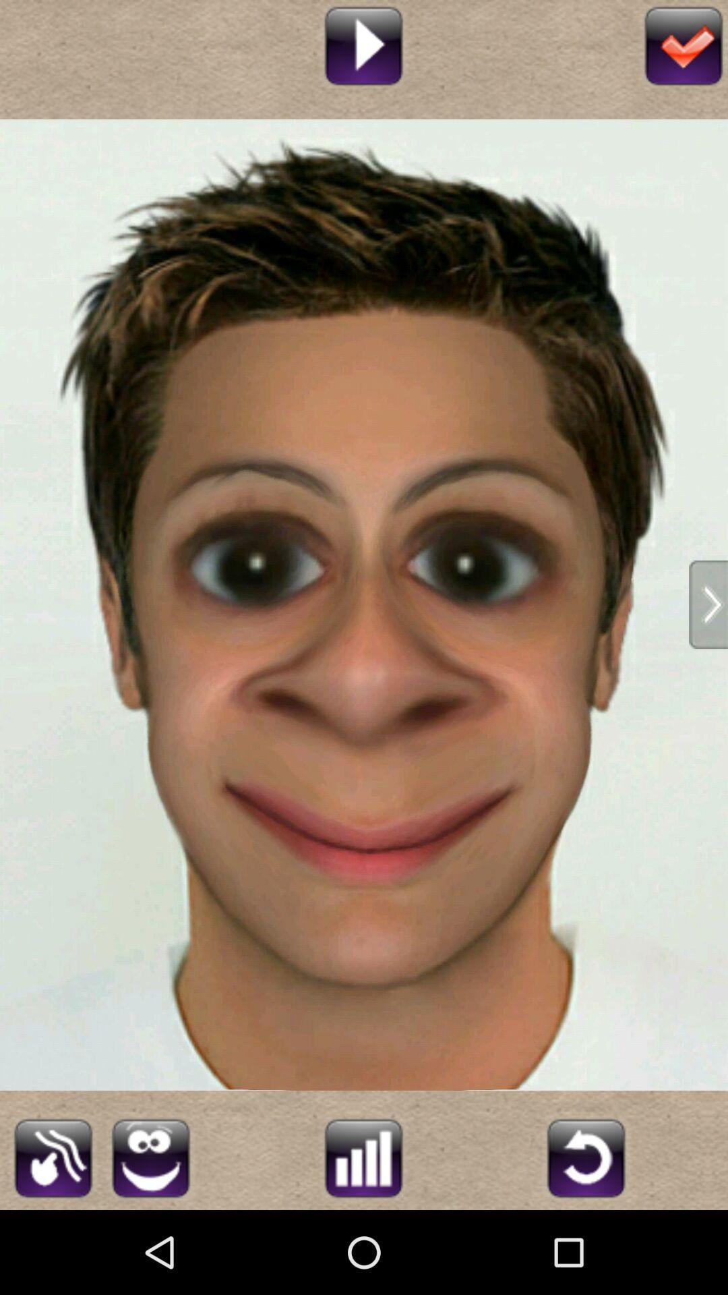 The image size is (728, 1295). Describe the element at coordinates (363, 1238) in the screenshot. I see `the sliders icon` at that location.